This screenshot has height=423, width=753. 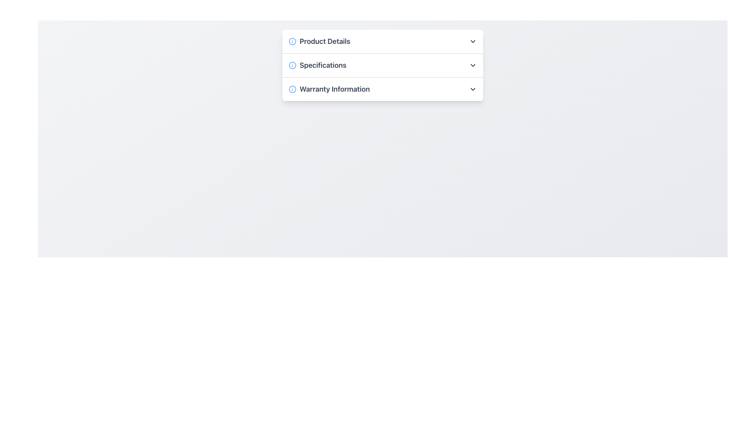 I want to click on the circular blue icon with a white interior and a smaller blue dot at its center, located to the left of the 'Warranty Information' text, so click(x=292, y=89).